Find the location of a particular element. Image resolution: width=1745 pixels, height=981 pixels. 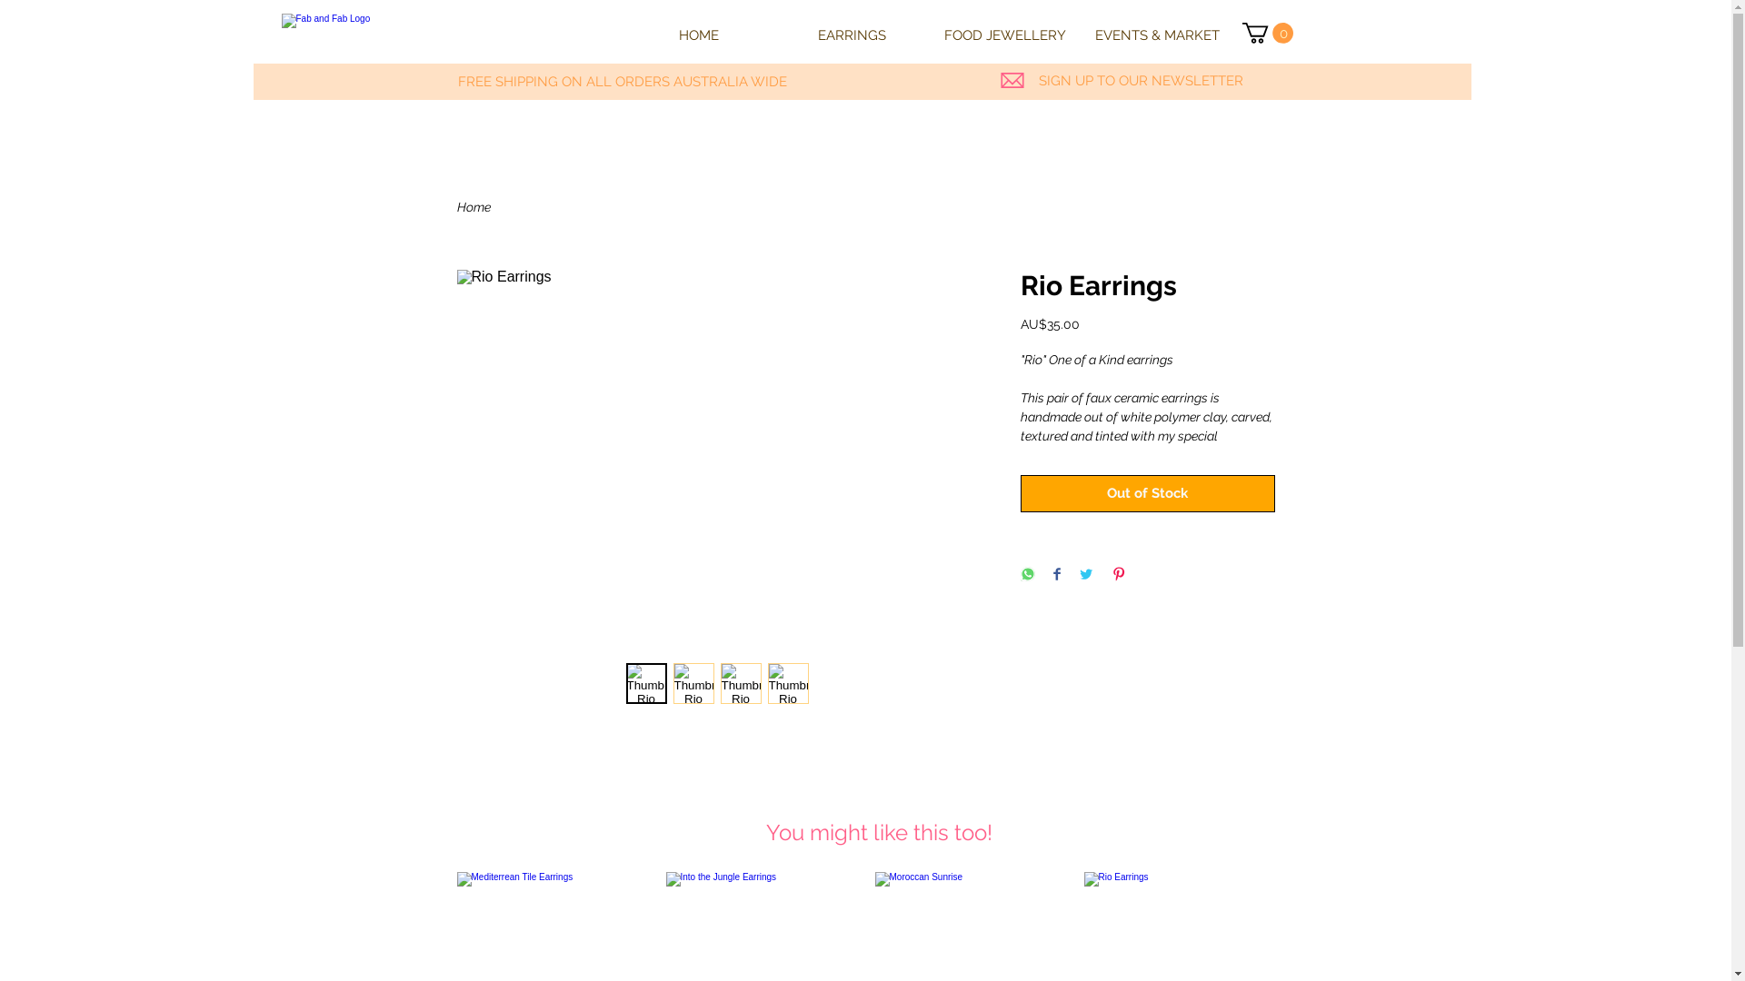

'FREE SHIPPING ON ALL ORDERS AUSTRALIA WIDE' is located at coordinates (623, 80).